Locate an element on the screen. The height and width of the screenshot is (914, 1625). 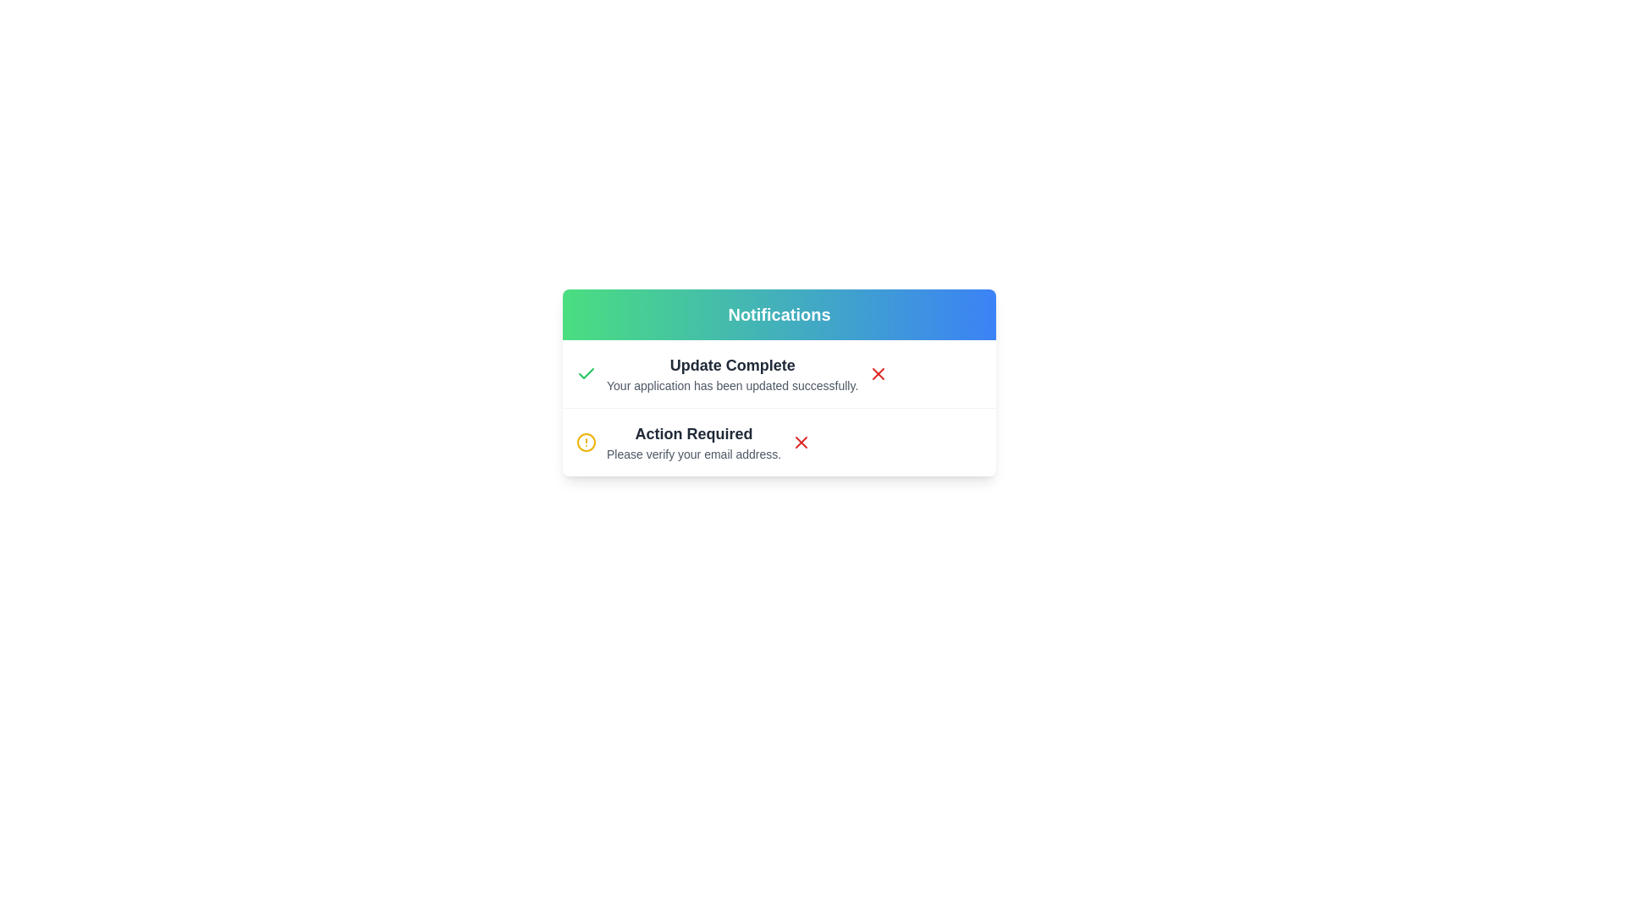
the notification element that displays 'Action Required' in bold and 'Please verify your email address.' in smaller text, accompanied by a yellow alert icon is located at coordinates (679, 442).